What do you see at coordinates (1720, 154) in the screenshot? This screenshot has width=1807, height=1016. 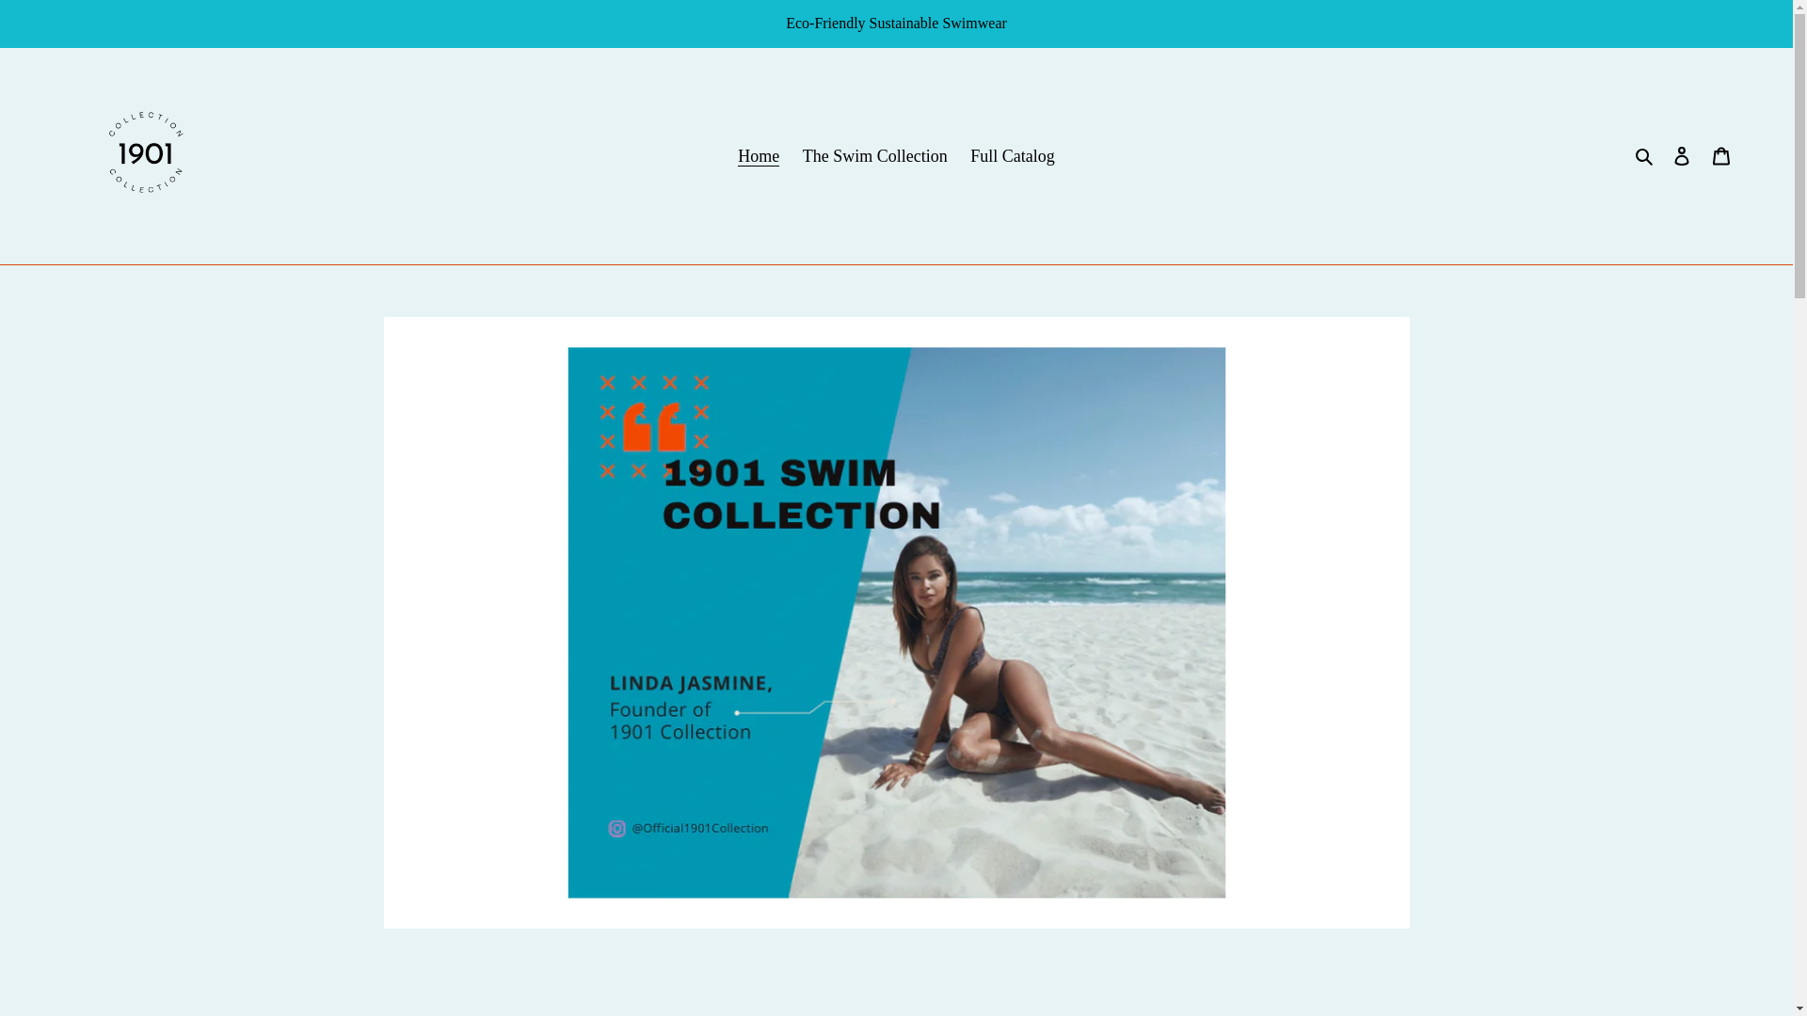 I see `'Cart'` at bounding box center [1720, 154].